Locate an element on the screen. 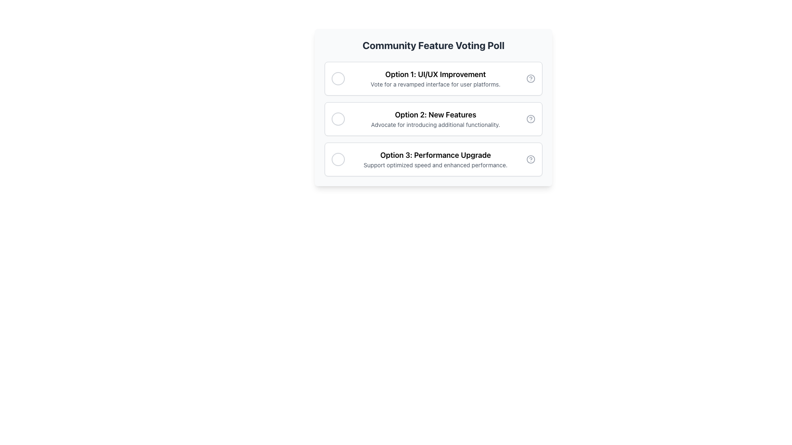 The width and height of the screenshot is (792, 445). header text at the top of the voting interface, which indicates the purpose of the displayed voting options is located at coordinates (433, 45).